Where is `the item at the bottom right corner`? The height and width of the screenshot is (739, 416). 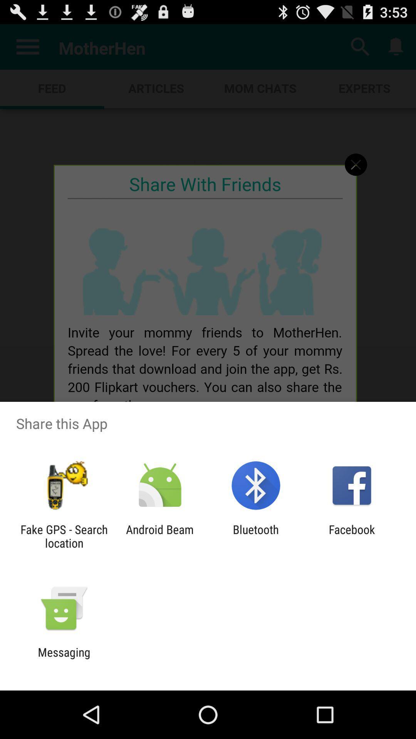 the item at the bottom right corner is located at coordinates (352, 536).